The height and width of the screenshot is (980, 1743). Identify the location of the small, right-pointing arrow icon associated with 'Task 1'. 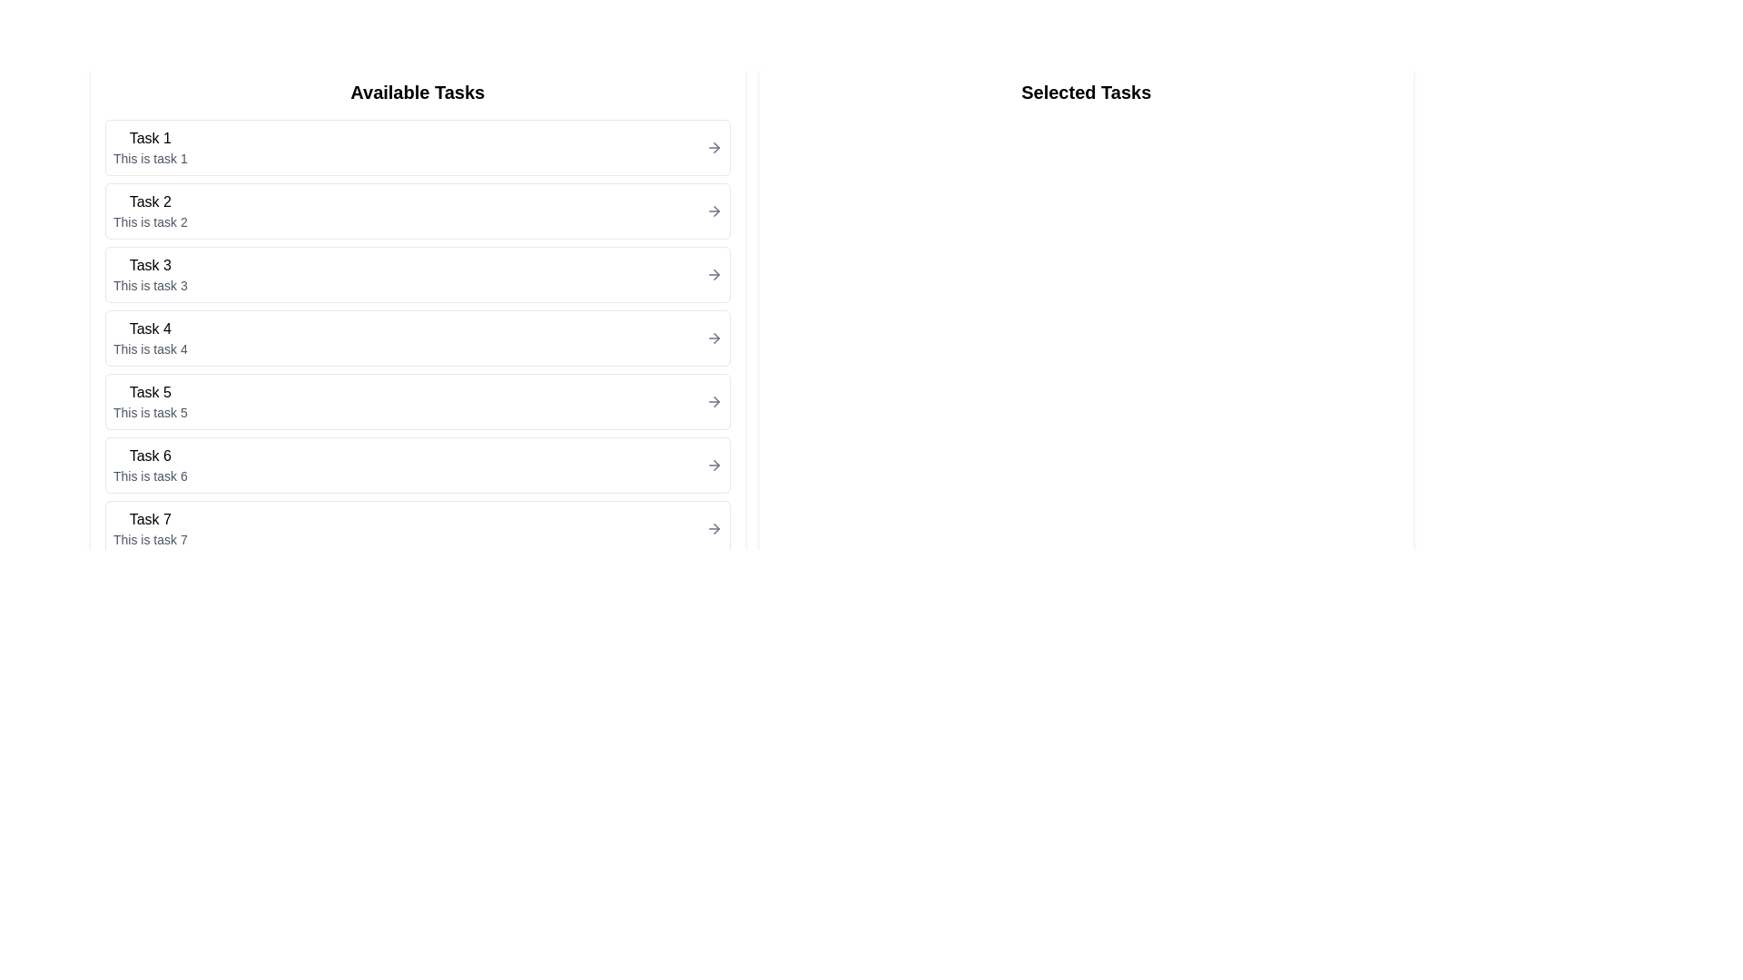
(713, 146).